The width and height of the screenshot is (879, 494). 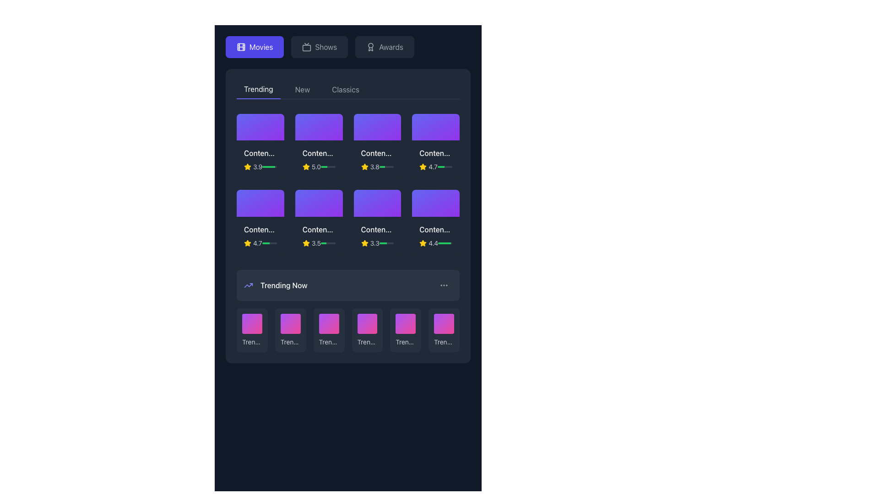 I want to click on the Text label displaying 'Content Title 3' in the 'Trending' section, so click(x=377, y=153).